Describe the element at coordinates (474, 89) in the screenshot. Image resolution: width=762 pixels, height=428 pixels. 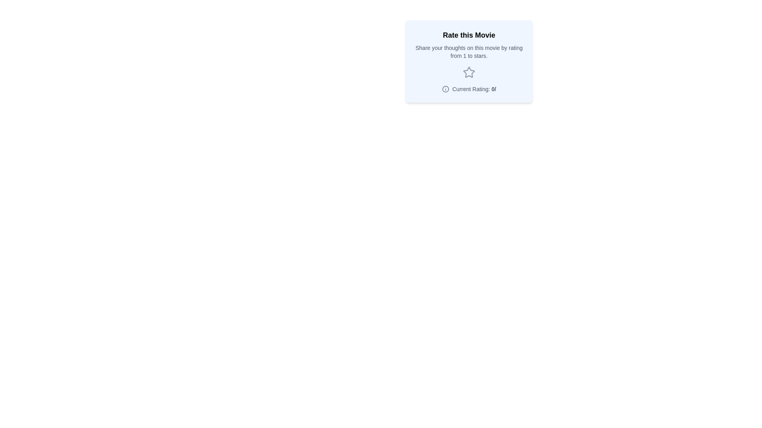
I see `information from the Text label that indicates the current rating status, located directly below the star rating UI component and adjacent to an informational SVG icon` at that location.